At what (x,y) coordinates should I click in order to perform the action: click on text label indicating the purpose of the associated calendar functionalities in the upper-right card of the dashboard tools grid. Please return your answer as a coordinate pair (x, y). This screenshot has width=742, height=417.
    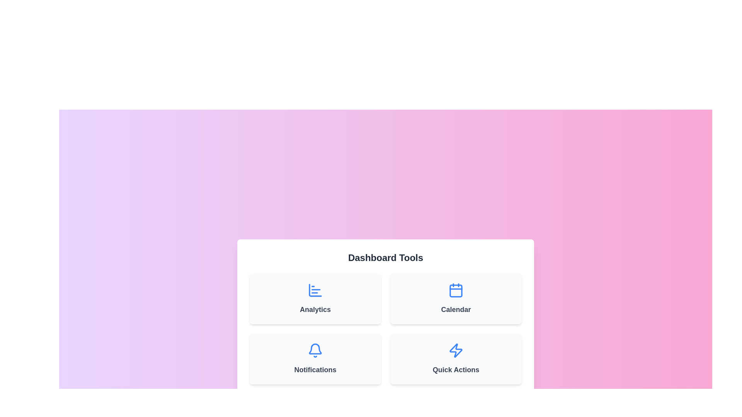
    Looking at the image, I should click on (456, 309).